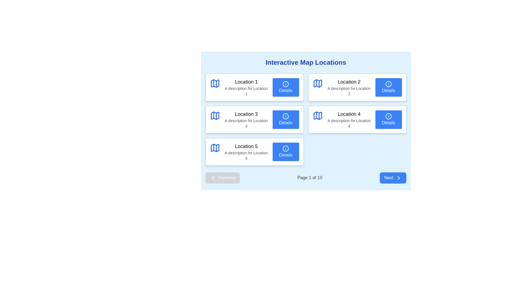  I want to click on the button located, so click(388, 87).